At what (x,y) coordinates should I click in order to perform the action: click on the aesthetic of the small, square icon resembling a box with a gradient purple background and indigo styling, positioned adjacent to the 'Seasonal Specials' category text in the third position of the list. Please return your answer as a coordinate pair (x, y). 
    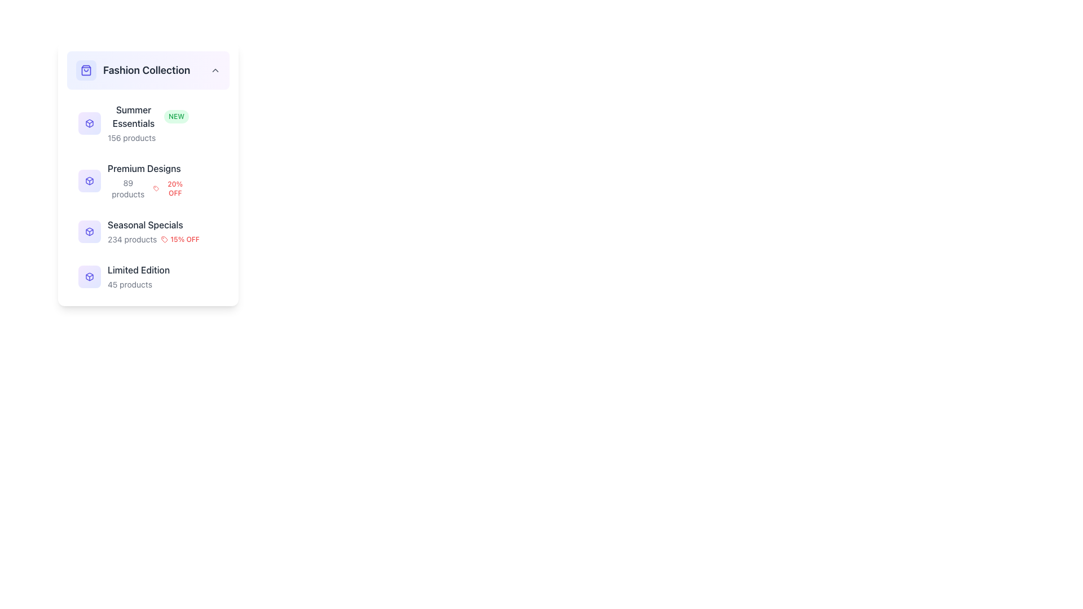
    Looking at the image, I should click on (89, 231).